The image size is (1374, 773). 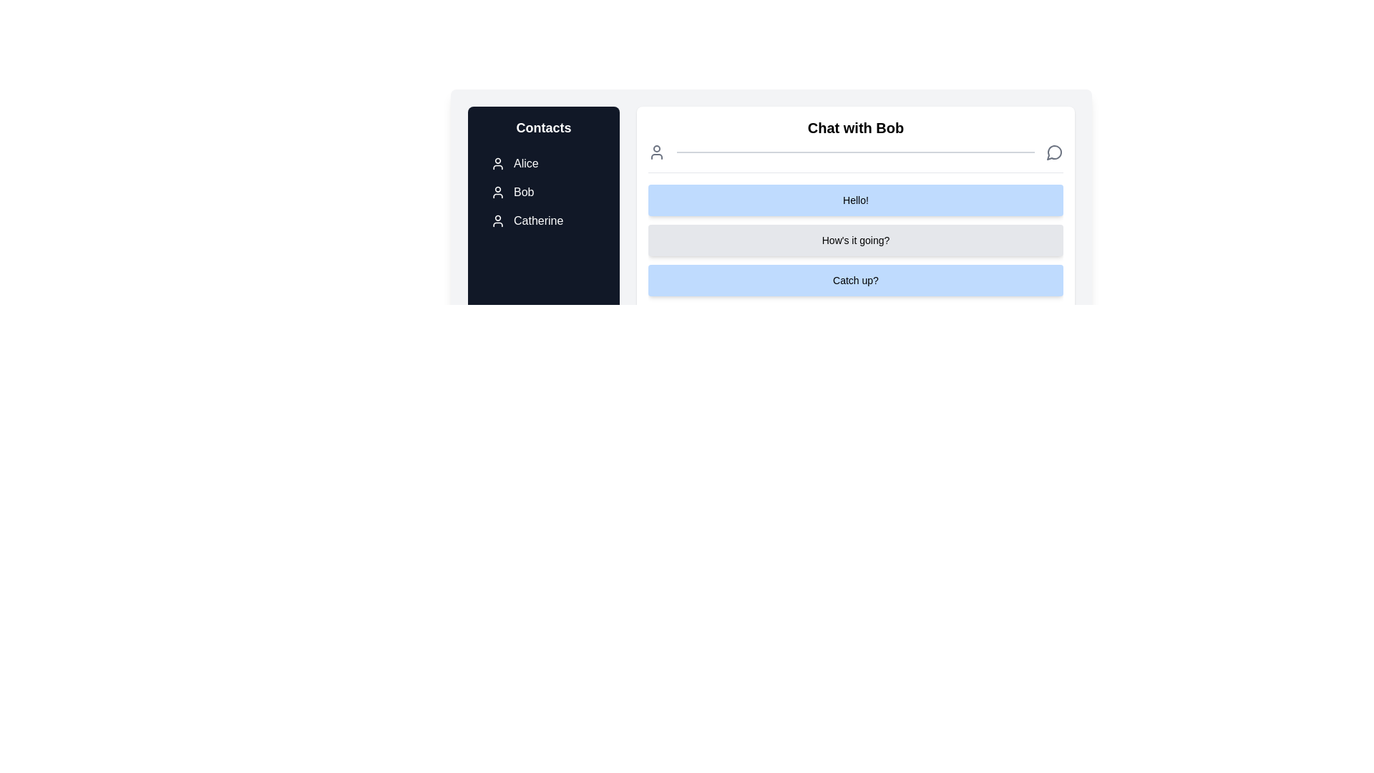 I want to click on the Header section displaying the participant's name 'Bob', so click(x=855, y=145).